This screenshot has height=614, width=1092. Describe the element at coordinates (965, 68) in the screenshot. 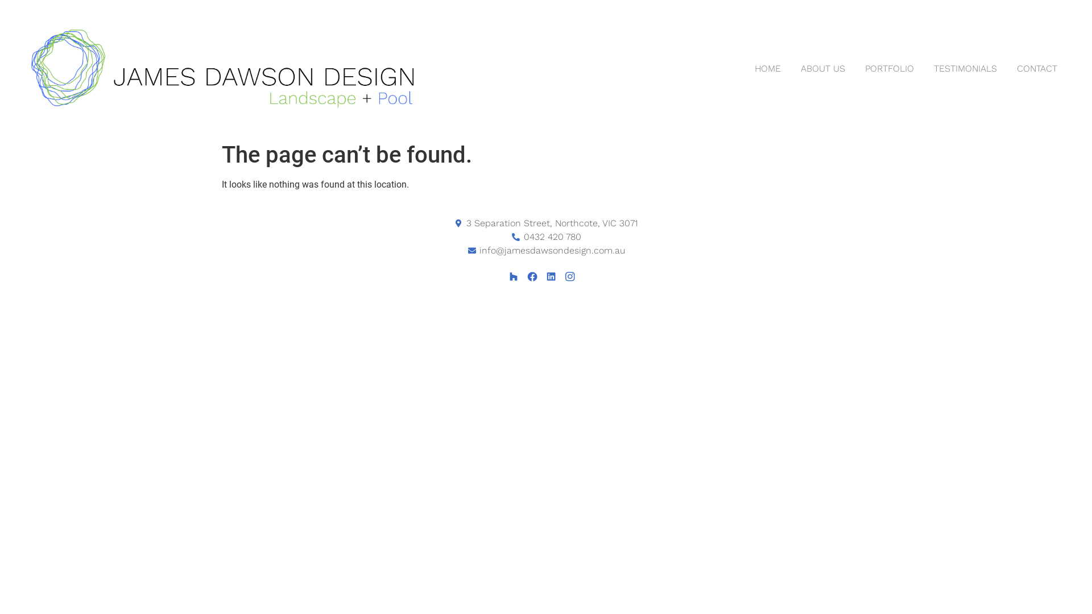

I see `'TESTIMONIALS'` at that location.